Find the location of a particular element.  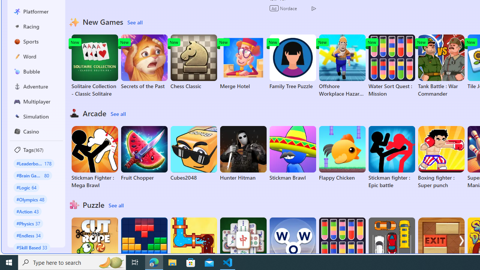

'Stickman Brawl' is located at coordinates (292, 153).